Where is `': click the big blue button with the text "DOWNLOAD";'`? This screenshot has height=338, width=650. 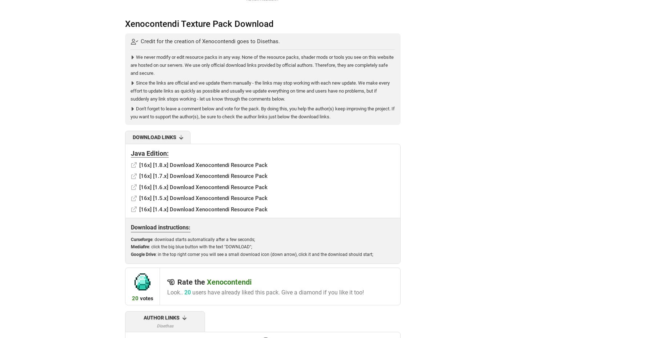
': click the big blue button with the text "DOWNLOAD";' is located at coordinates (200, 247).